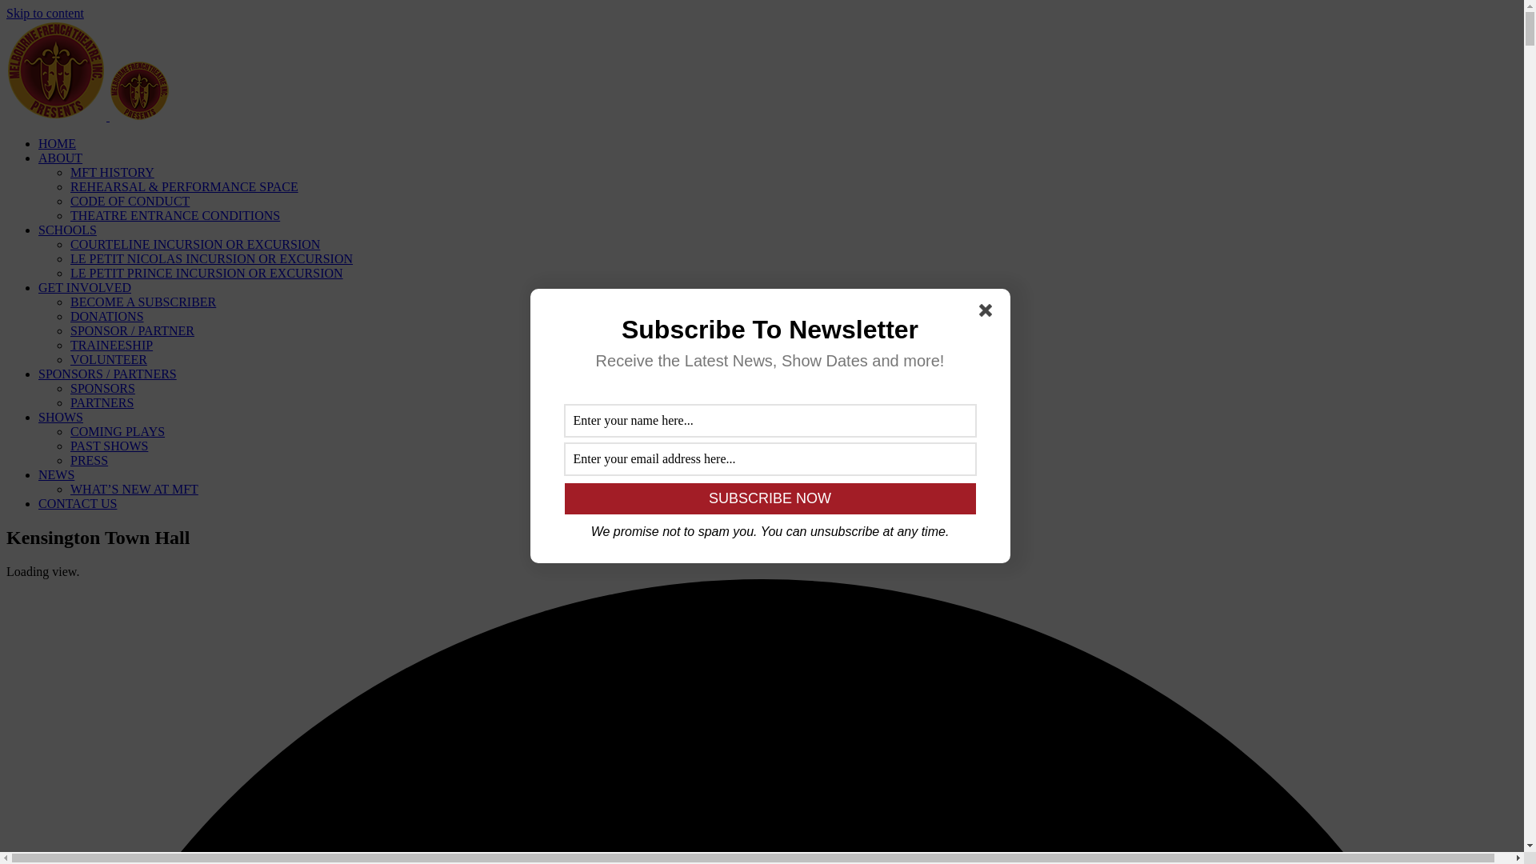 Image resolution: width=1536 pixels, height=864 pixels. What do you see at coordinates (111, 172) in the screenshot?
I see `'MFT HISTORY'` at bounding box center [111, 172].